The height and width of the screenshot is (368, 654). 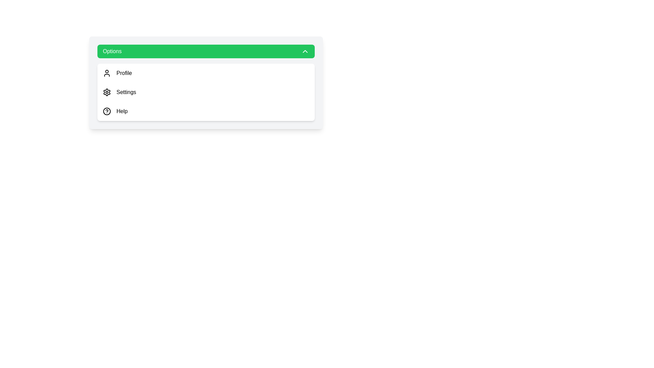 What do you see at coordinates (106, 92) in the screenshot?
I see `the gear icon representing settings, which is positioned to the left of the text 'Settings'` at bounding box center [106, 92].